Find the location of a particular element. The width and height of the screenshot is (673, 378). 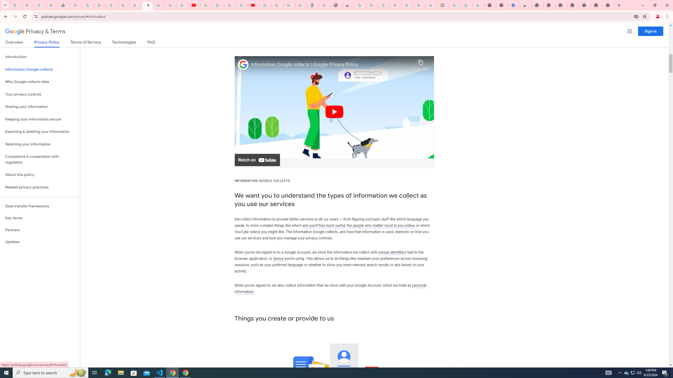

'Retaining your information' is located at coordinates (40, 144).